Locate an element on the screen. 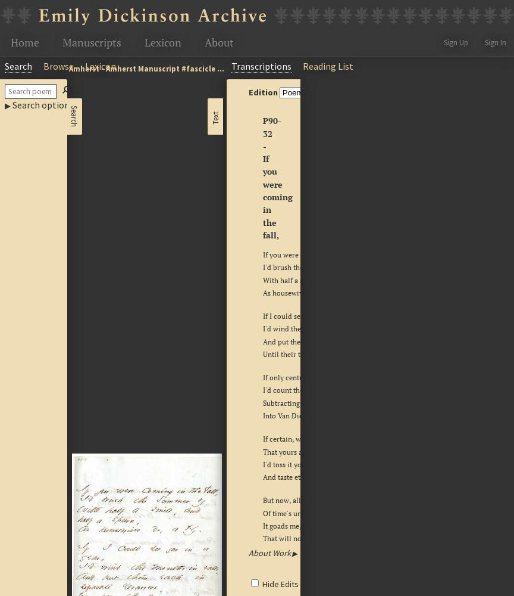  'P90-32 - If you were coming in the fall,' is located at coordinates (277, 178).